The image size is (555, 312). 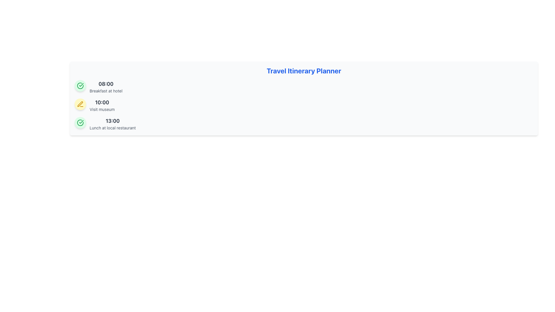 I want to click on the first list item displaying an event or activity in the schedule, located to the right of a green circular check icon, so click(x=106, y=87).